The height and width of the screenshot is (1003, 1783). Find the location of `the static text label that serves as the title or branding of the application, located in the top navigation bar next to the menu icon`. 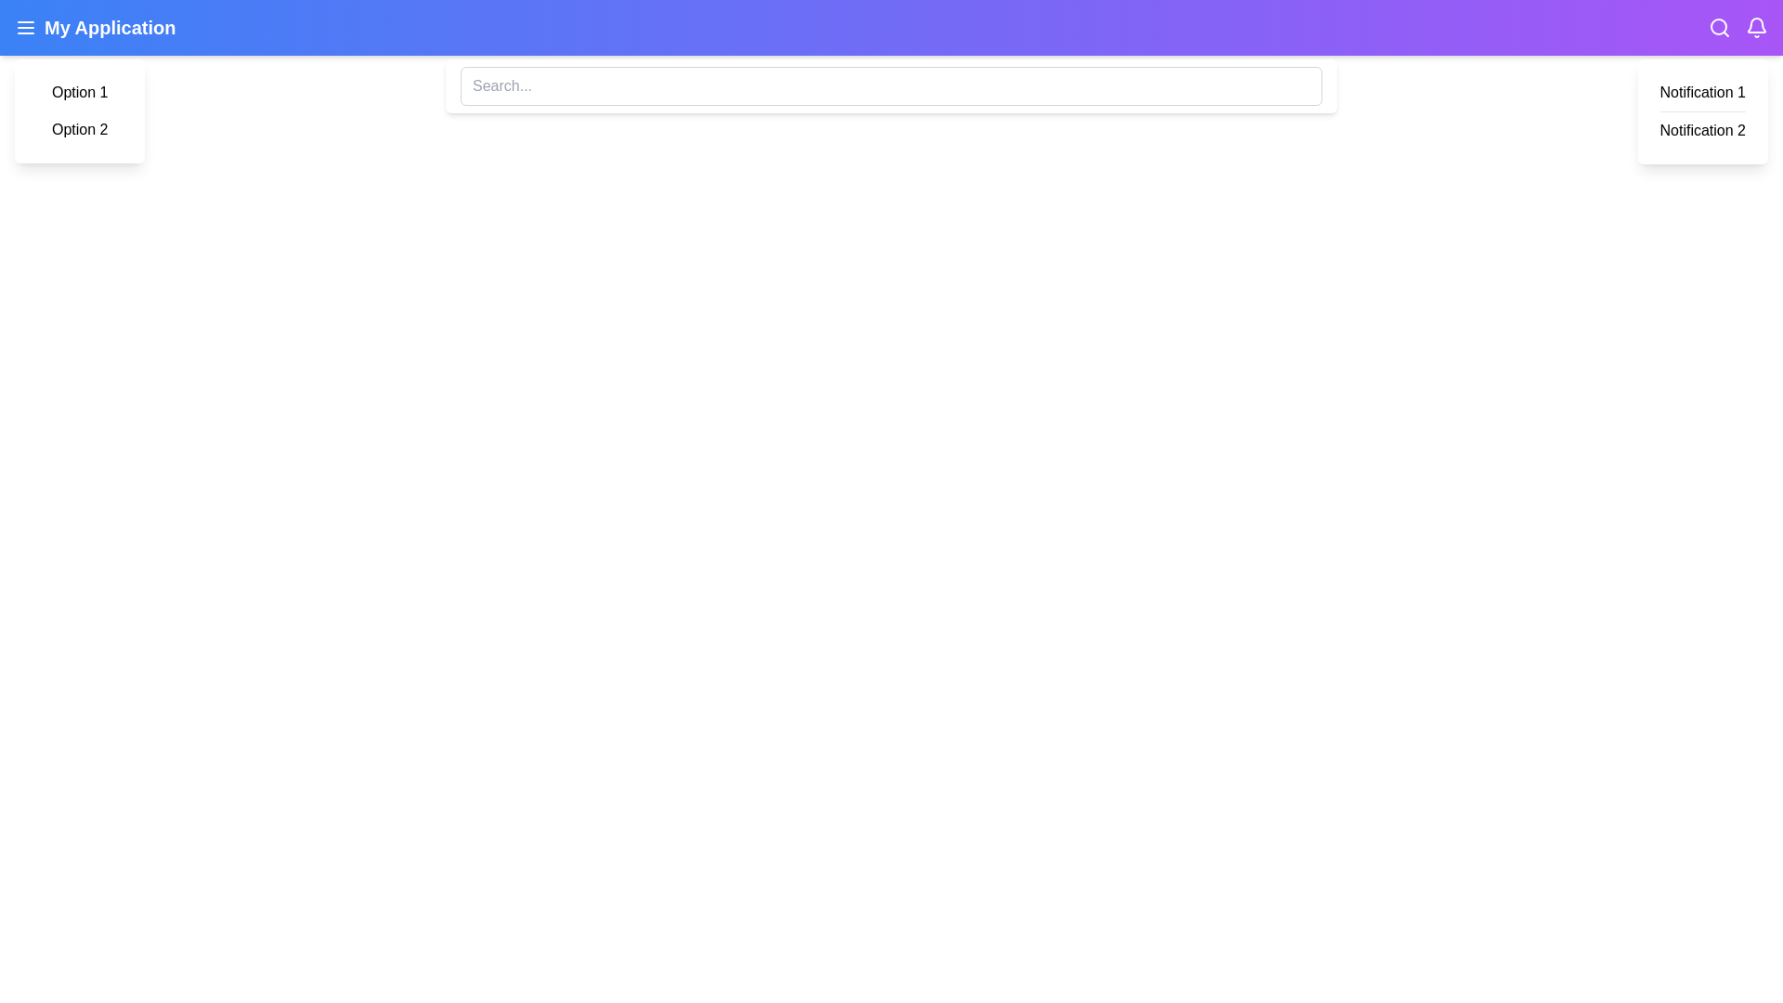

the static text label that serves as the title or branding of the application, located in the top navigation bar next to the menu icon is located at coordinates (94, 28).